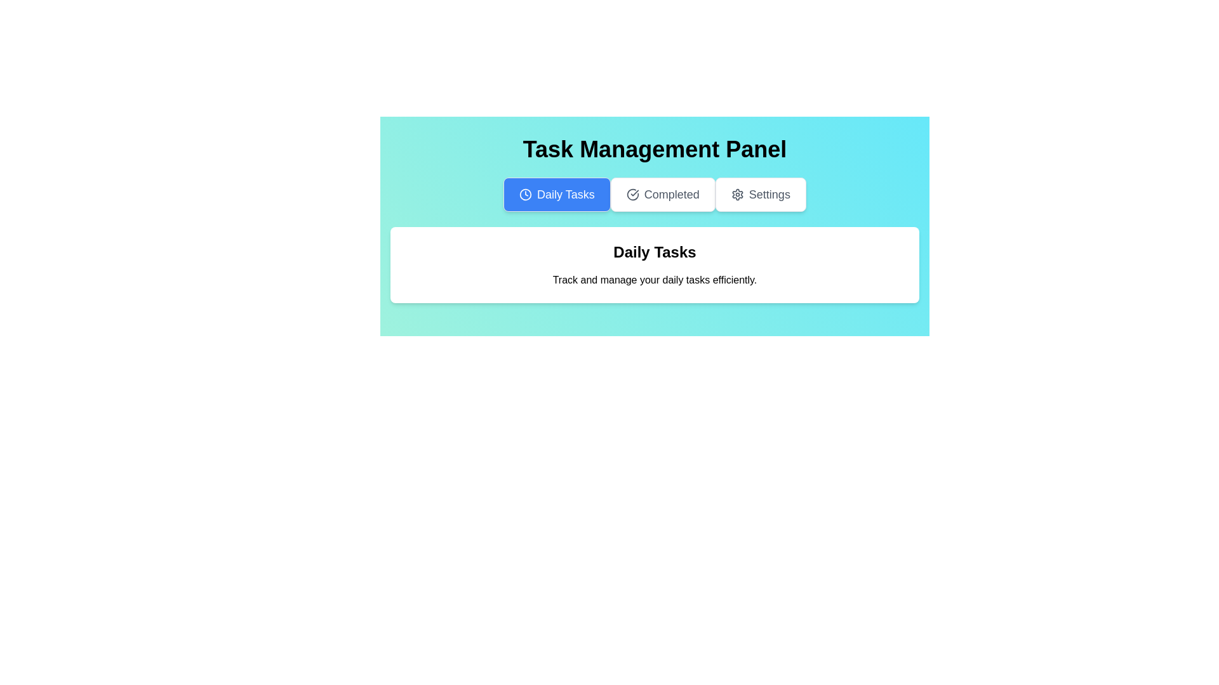 This screenshot has width=1219, height=685. I want to click on the circular outline that forms the body of the clock icon within the 'Daily Tasks' button, which is styled with a clean stroke in a minimalist design, so click(526, 195).